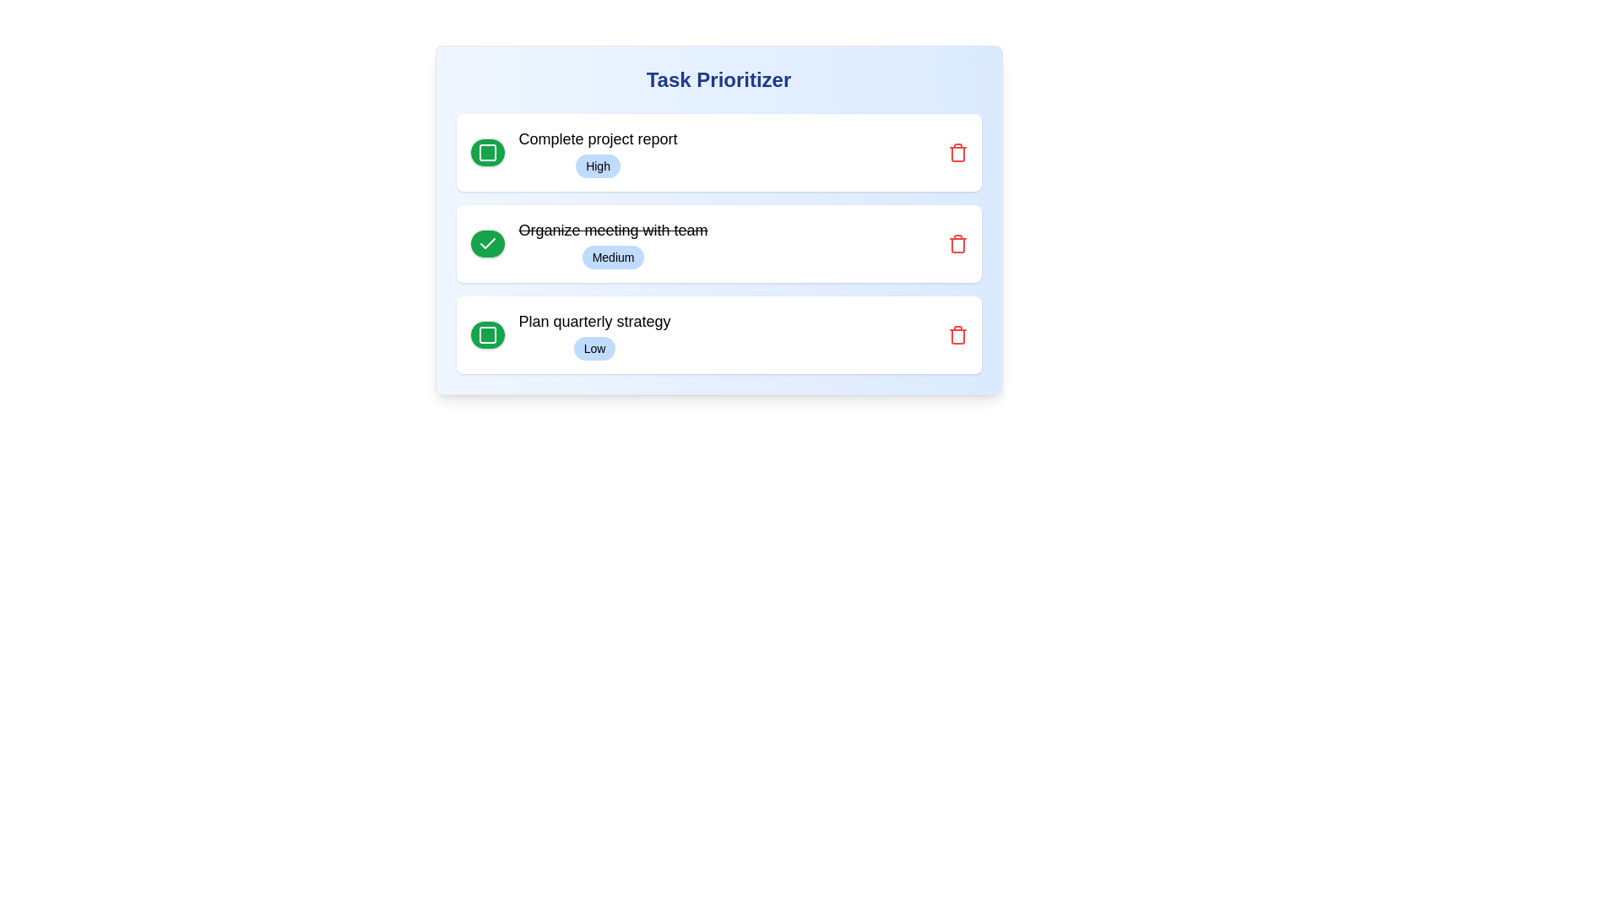  I want to click on the selectable graphical icon, which is a square-shaped icon with a green outline and white border, located near the left side of the 'Plan quarterly strategy' task in the 'Task Prioritizer' list, so click(486, 335).